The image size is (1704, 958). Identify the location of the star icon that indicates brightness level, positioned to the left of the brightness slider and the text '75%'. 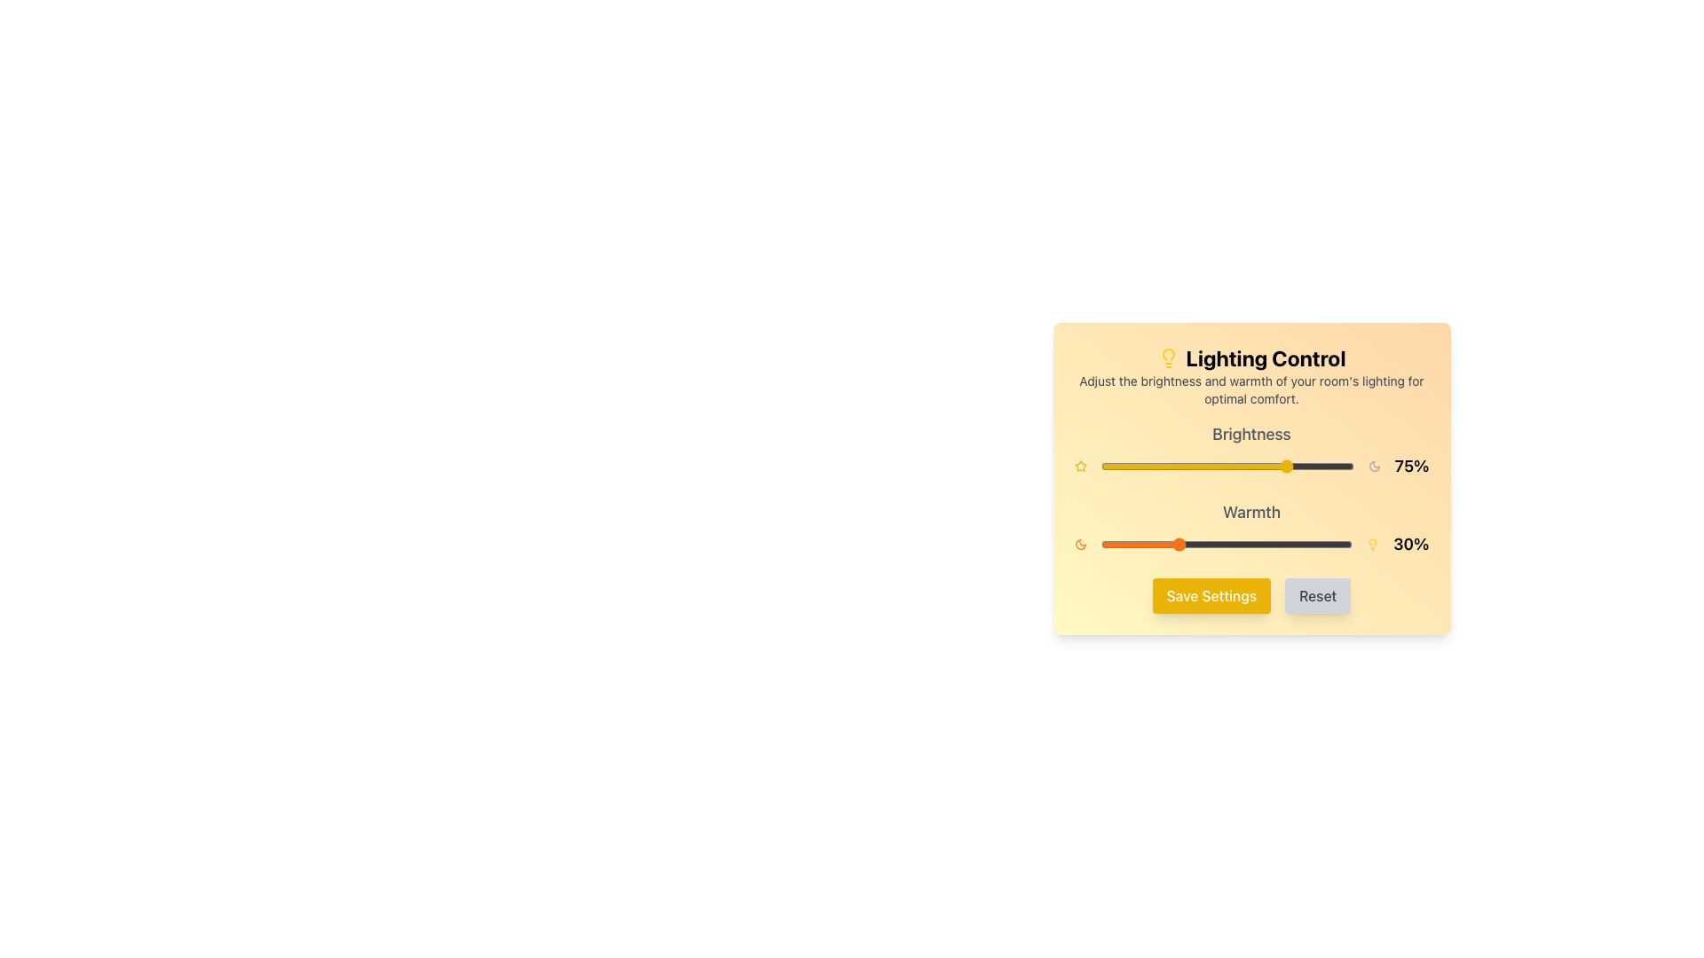
(1079, 465).